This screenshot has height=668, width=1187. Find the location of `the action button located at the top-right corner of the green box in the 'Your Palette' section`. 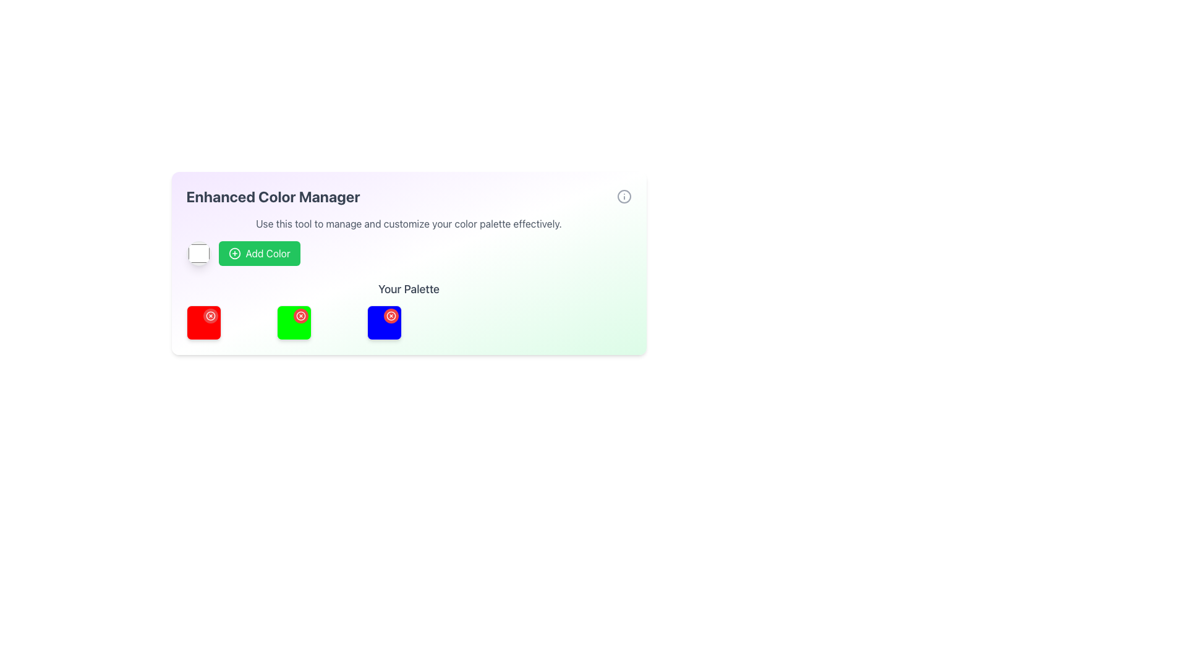

the action button located at the top-right corner of the green box in the 'Your Palette' section is located at coordinates (300, 315).